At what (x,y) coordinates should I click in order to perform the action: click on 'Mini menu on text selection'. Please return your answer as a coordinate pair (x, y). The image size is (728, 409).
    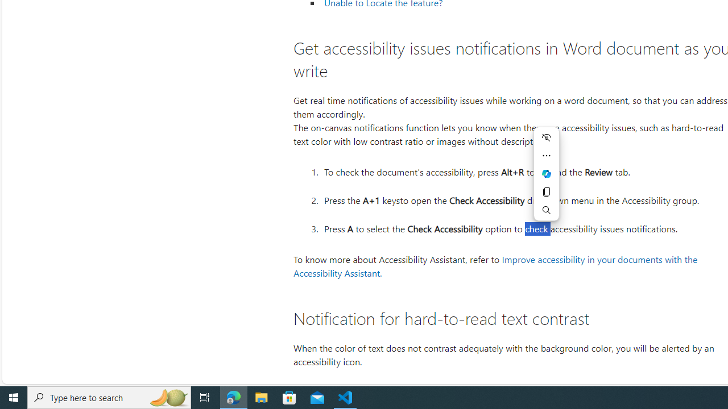
    Looking at the image, I should click on (547, 174).